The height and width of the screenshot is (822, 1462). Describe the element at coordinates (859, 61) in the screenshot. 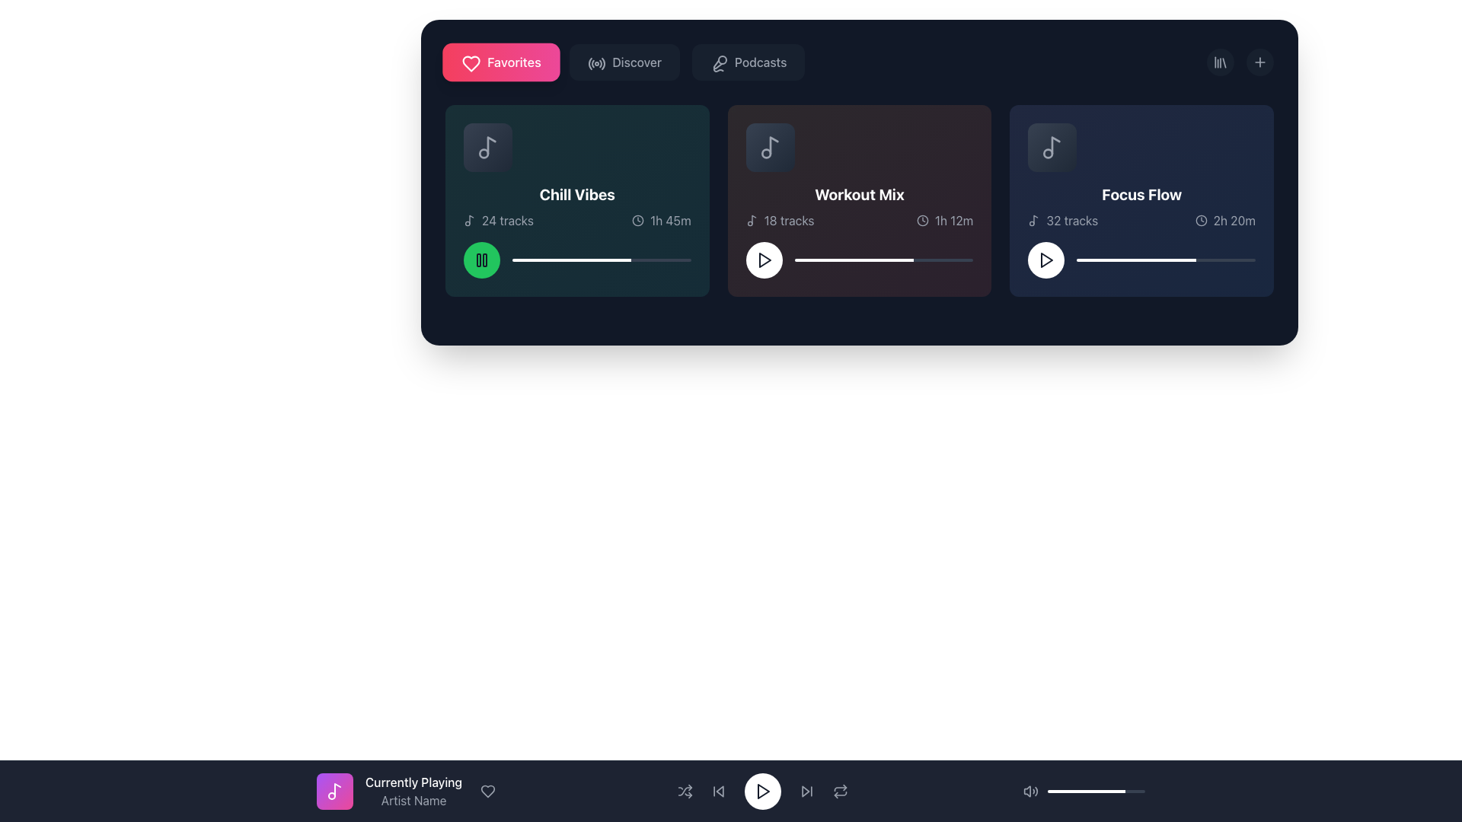

I see `the favorite items button located on the far left of the navigation bar` at that location.